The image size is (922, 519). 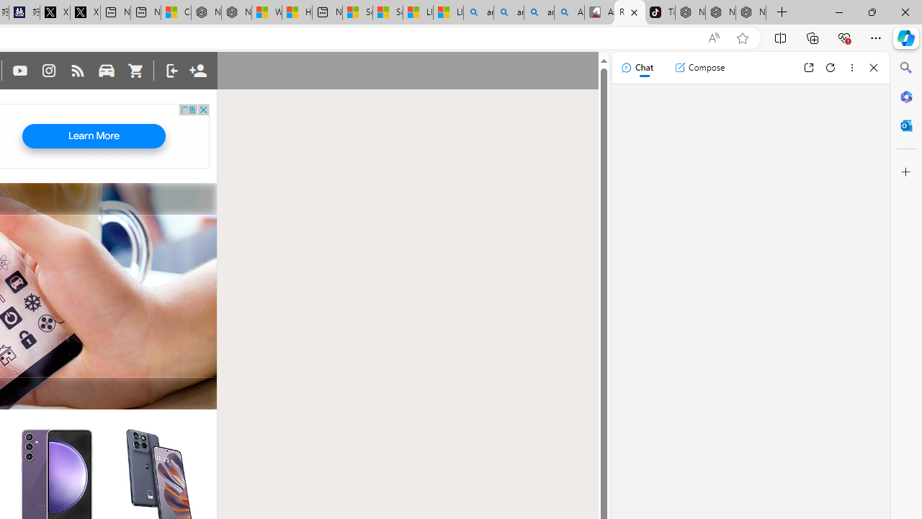 I want to click on 'TikTok', so click(x=659, y=12).